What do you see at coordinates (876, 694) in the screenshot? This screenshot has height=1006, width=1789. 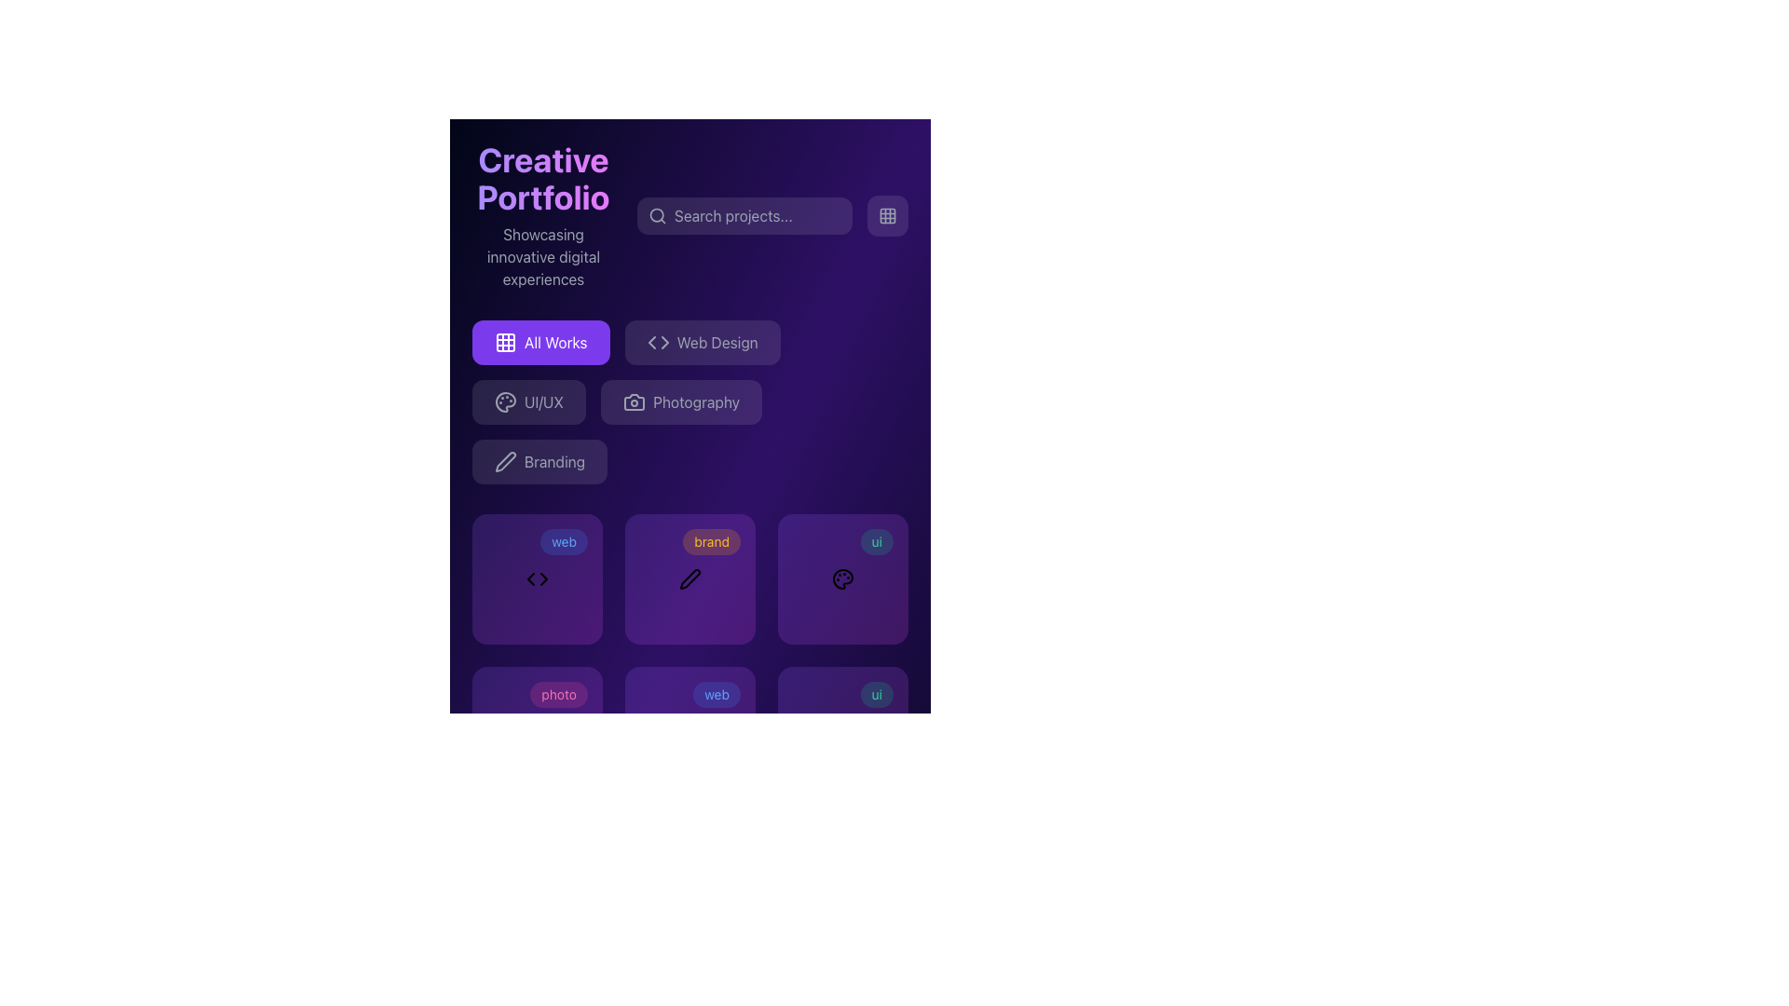 I see `the content of the badge located at the top-right corner of the purple card, which is the third card in the row of cards in the grid layout` at bounding box center [876, 694].